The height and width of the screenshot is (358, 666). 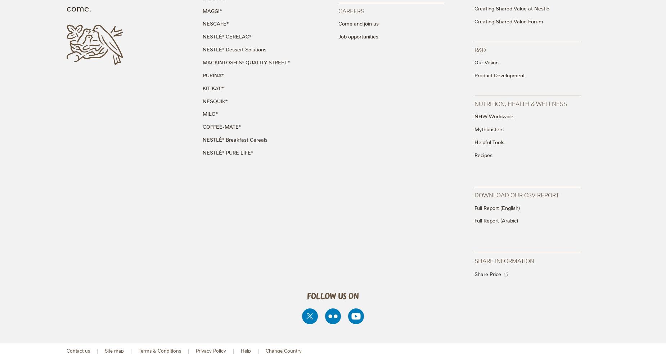 I want to click on 'SHARE INFORMATION', so click(x=504, y=260).